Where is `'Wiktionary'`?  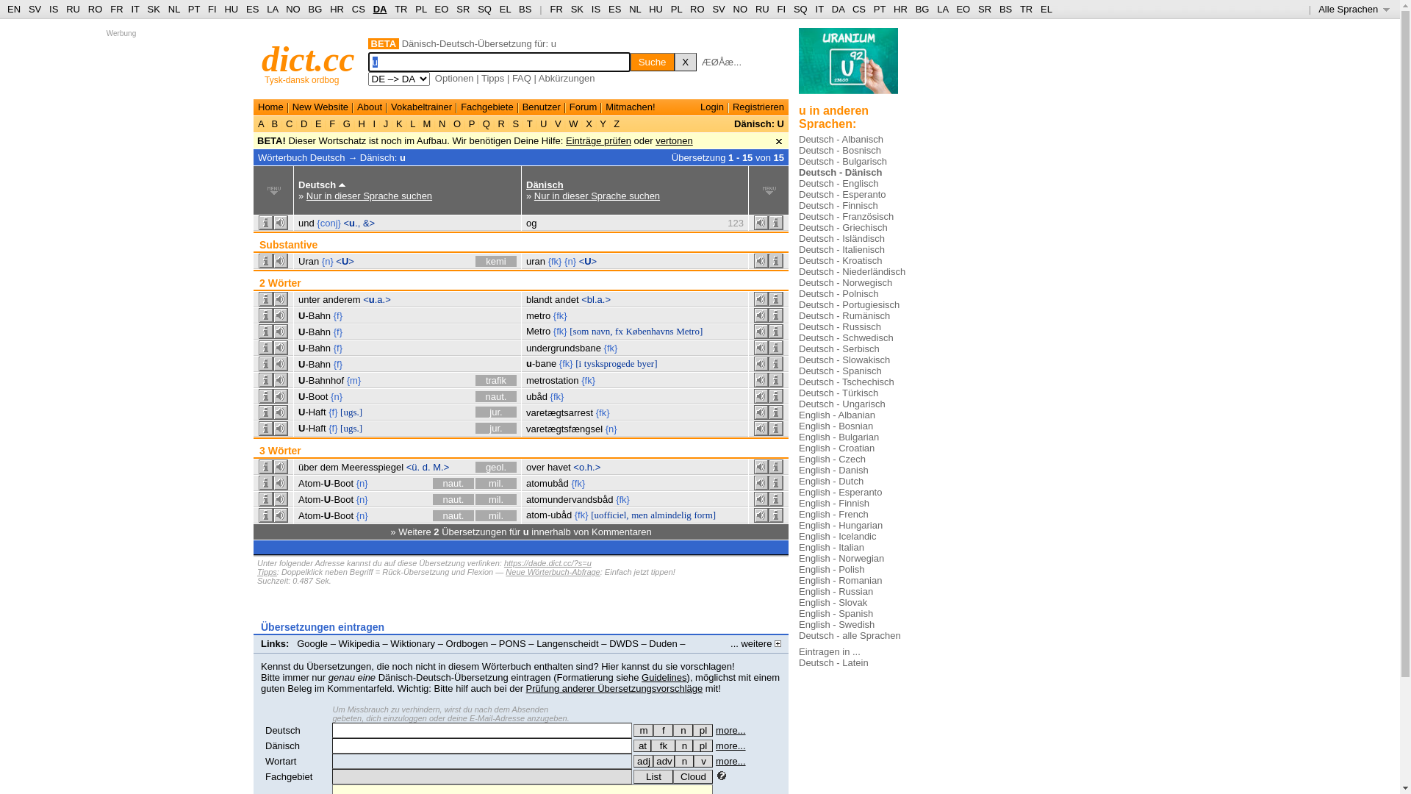 'Wiktionary' is located at coordinates (390, 643).